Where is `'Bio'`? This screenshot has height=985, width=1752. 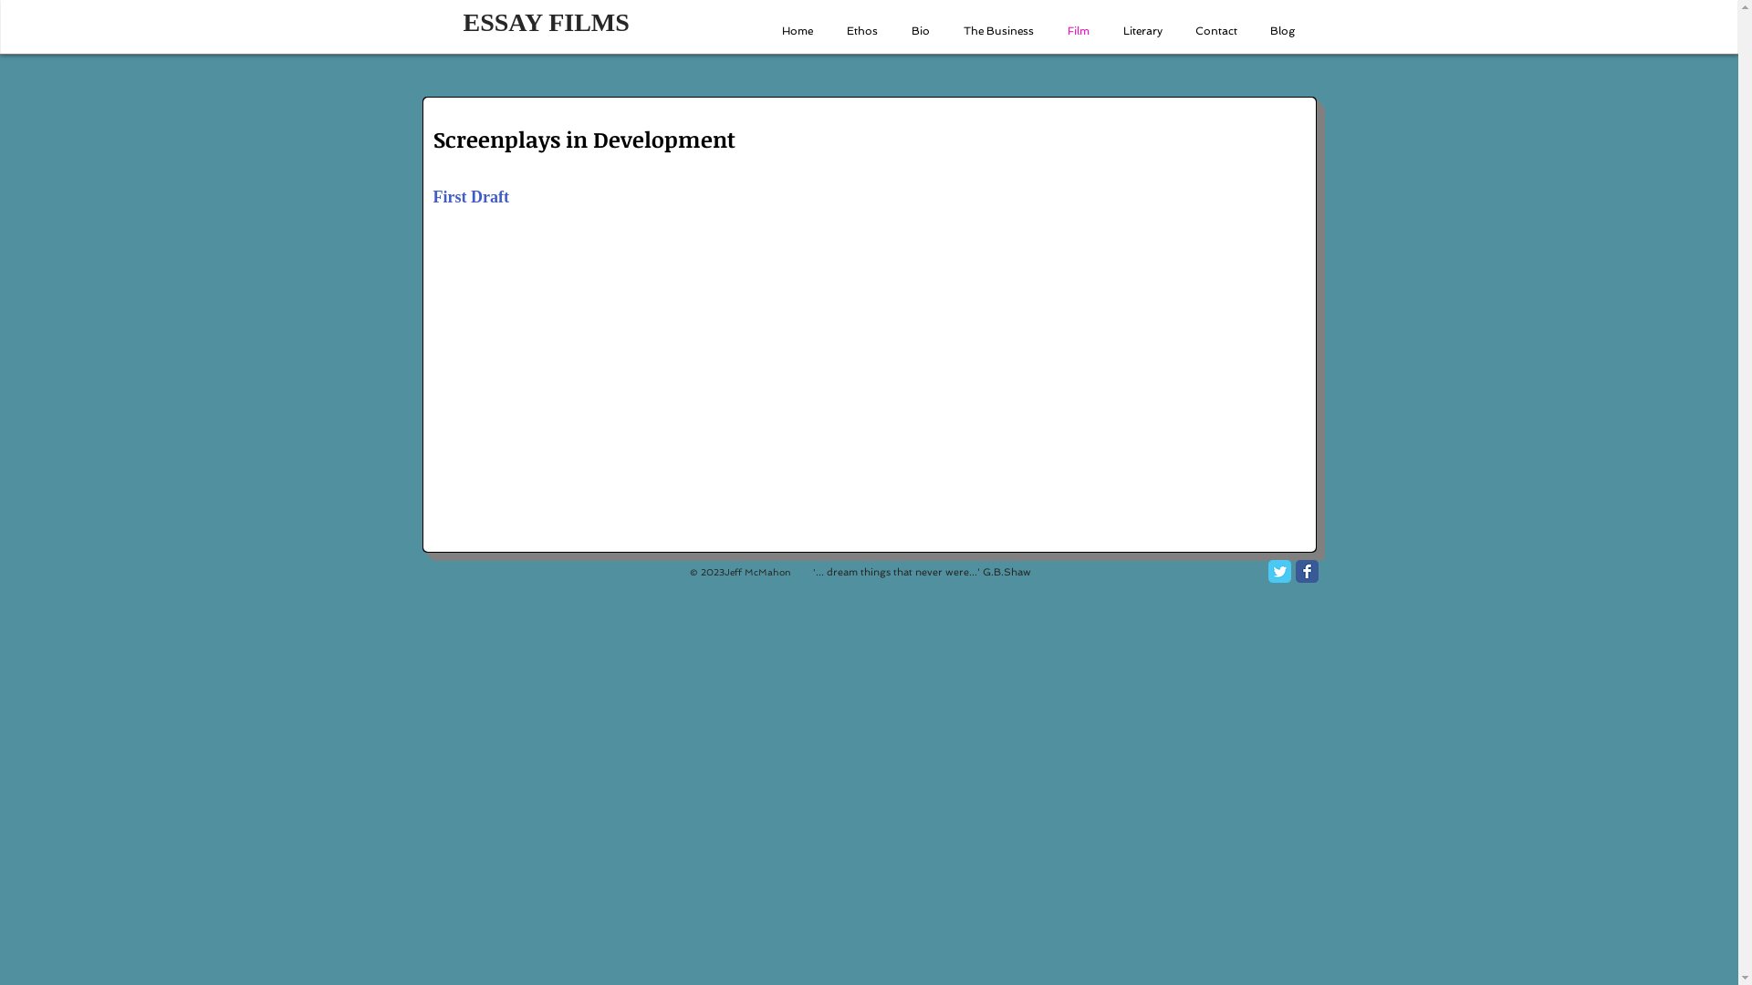
'Bio' is located at coordinates (892, 31).